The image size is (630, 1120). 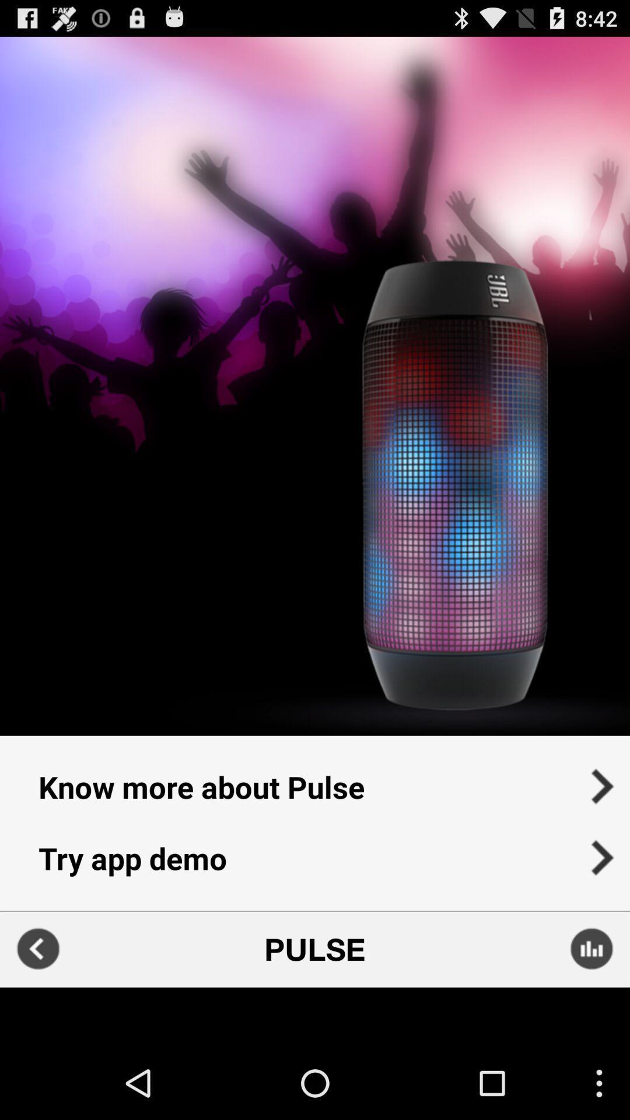 What do you see at coordinates (591, 949) in the screenshot?
I see `sound settings` at bounding box center [591, 949].